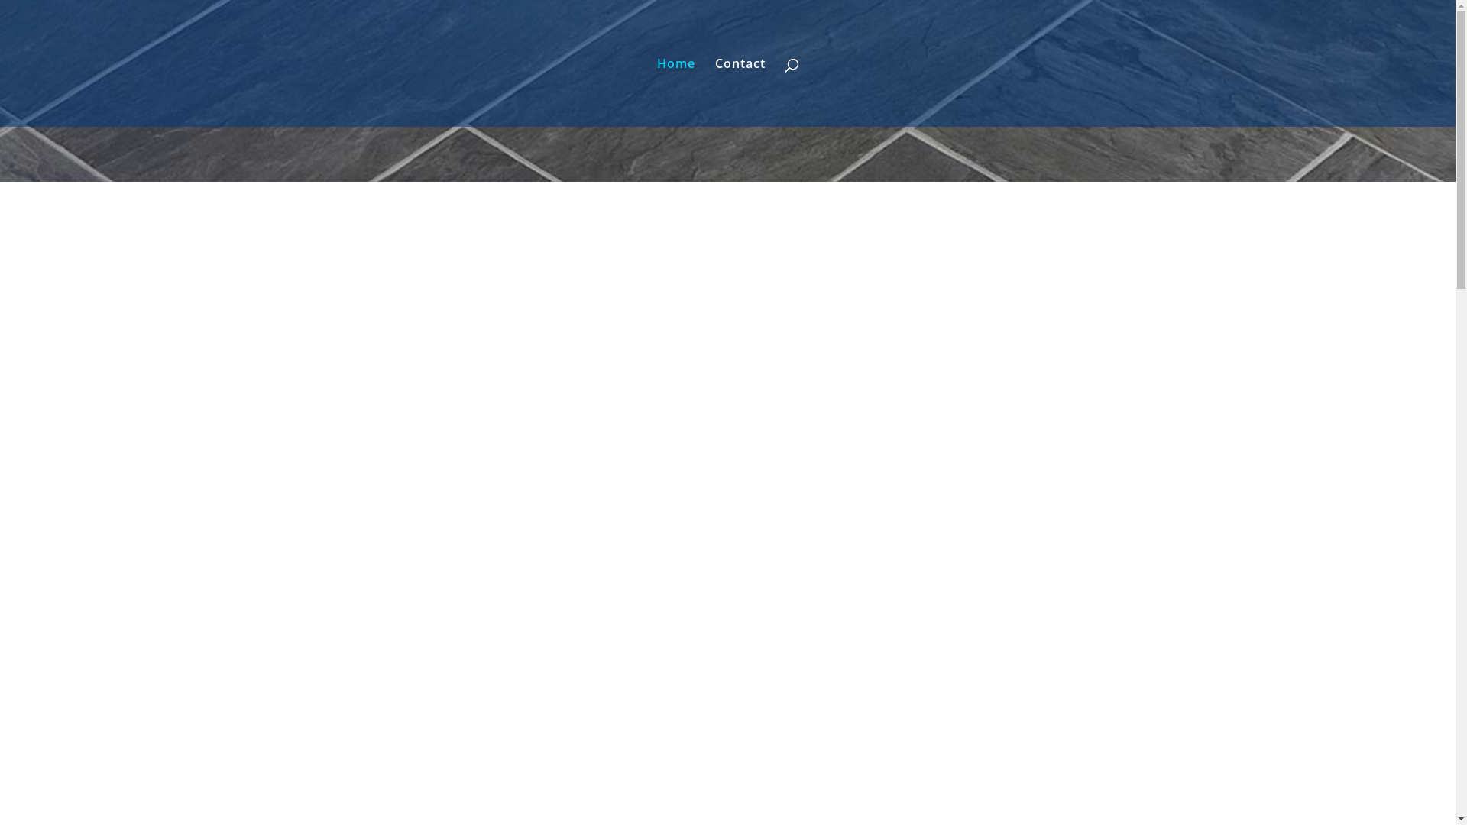 This screenshot has width=1467, height=825. What do you see at coordinates (740, 92) in the screenshot?
I see `'Contact'` at bounding box center [740, 92].